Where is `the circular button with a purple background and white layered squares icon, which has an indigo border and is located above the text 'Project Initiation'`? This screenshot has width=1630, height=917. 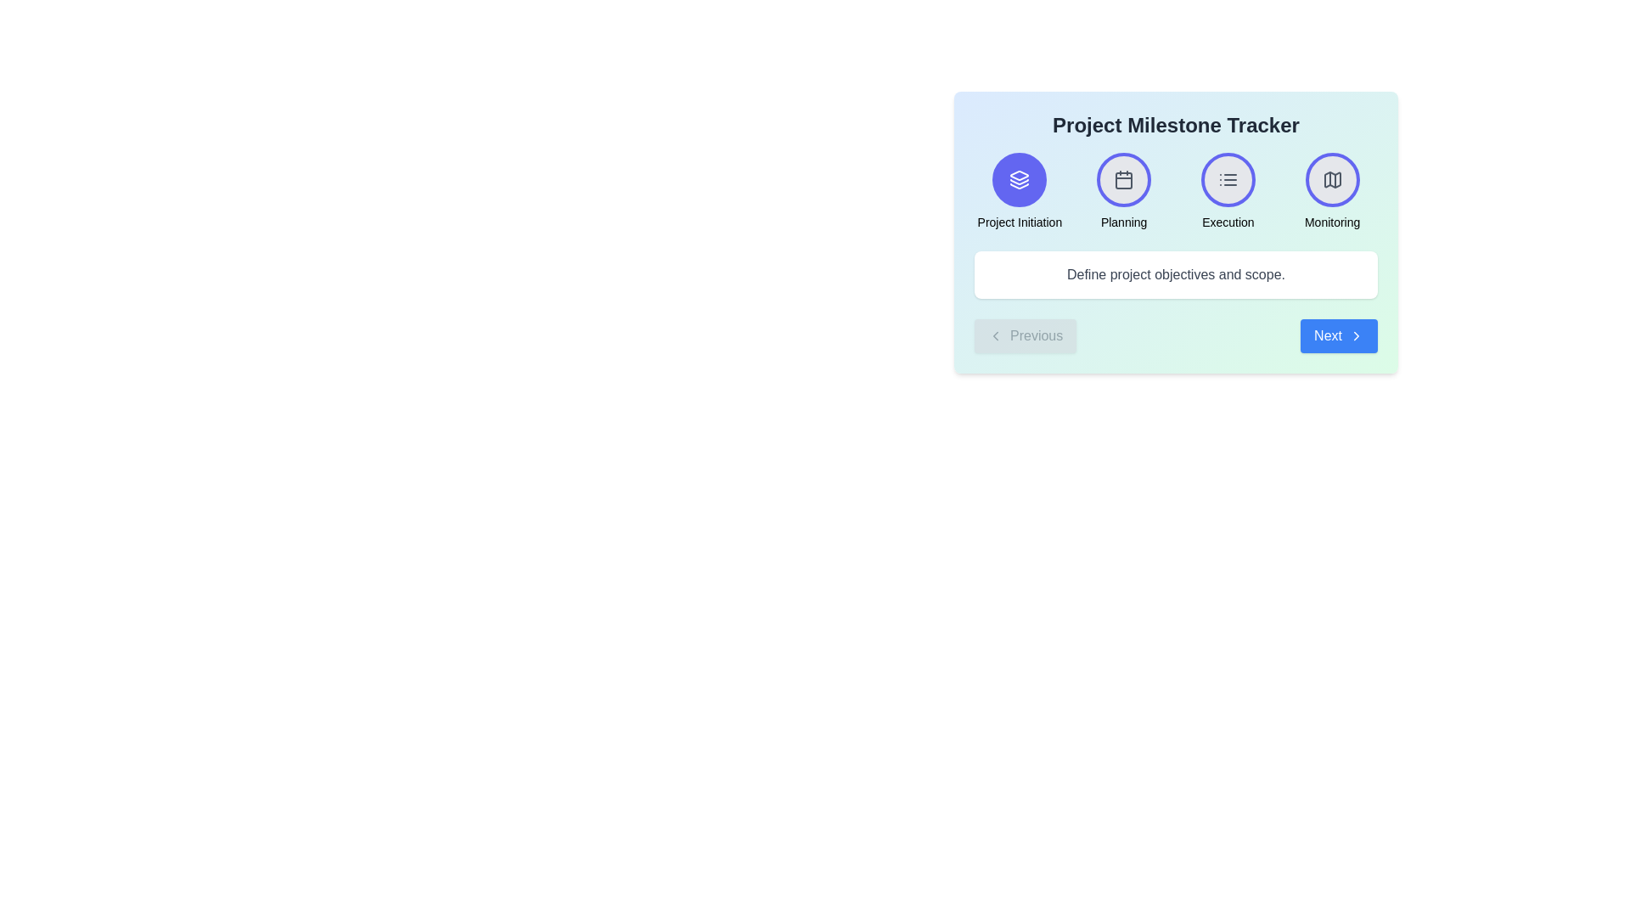 the circular button with a purple background and white layered squares icon, which has an indigo border and is located above the text 'Project Initiation' is located at coordinates (1019, 180).